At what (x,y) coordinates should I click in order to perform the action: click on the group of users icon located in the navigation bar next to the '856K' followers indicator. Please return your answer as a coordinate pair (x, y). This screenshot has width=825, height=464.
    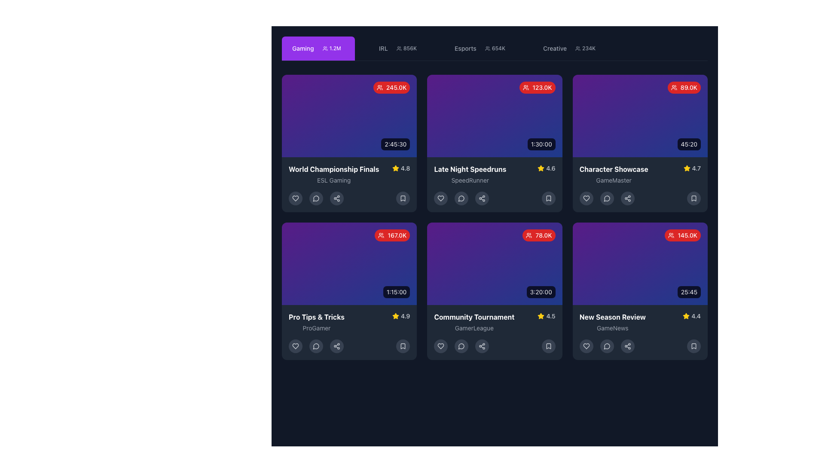
    Looking at the image, I should click on (398, 48).